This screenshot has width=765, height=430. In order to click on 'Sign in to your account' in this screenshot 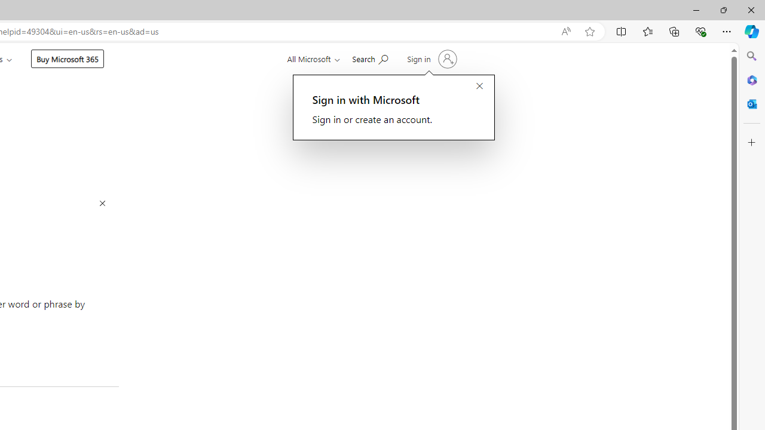, I will do `click(430, 59)`.